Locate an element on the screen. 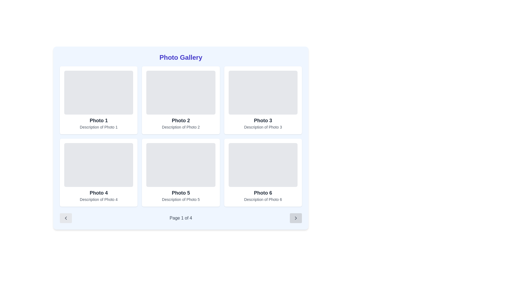  the chevron icon located at the center of the rightmost button in the bottom navigation bar is located at coordinates (295, 218).